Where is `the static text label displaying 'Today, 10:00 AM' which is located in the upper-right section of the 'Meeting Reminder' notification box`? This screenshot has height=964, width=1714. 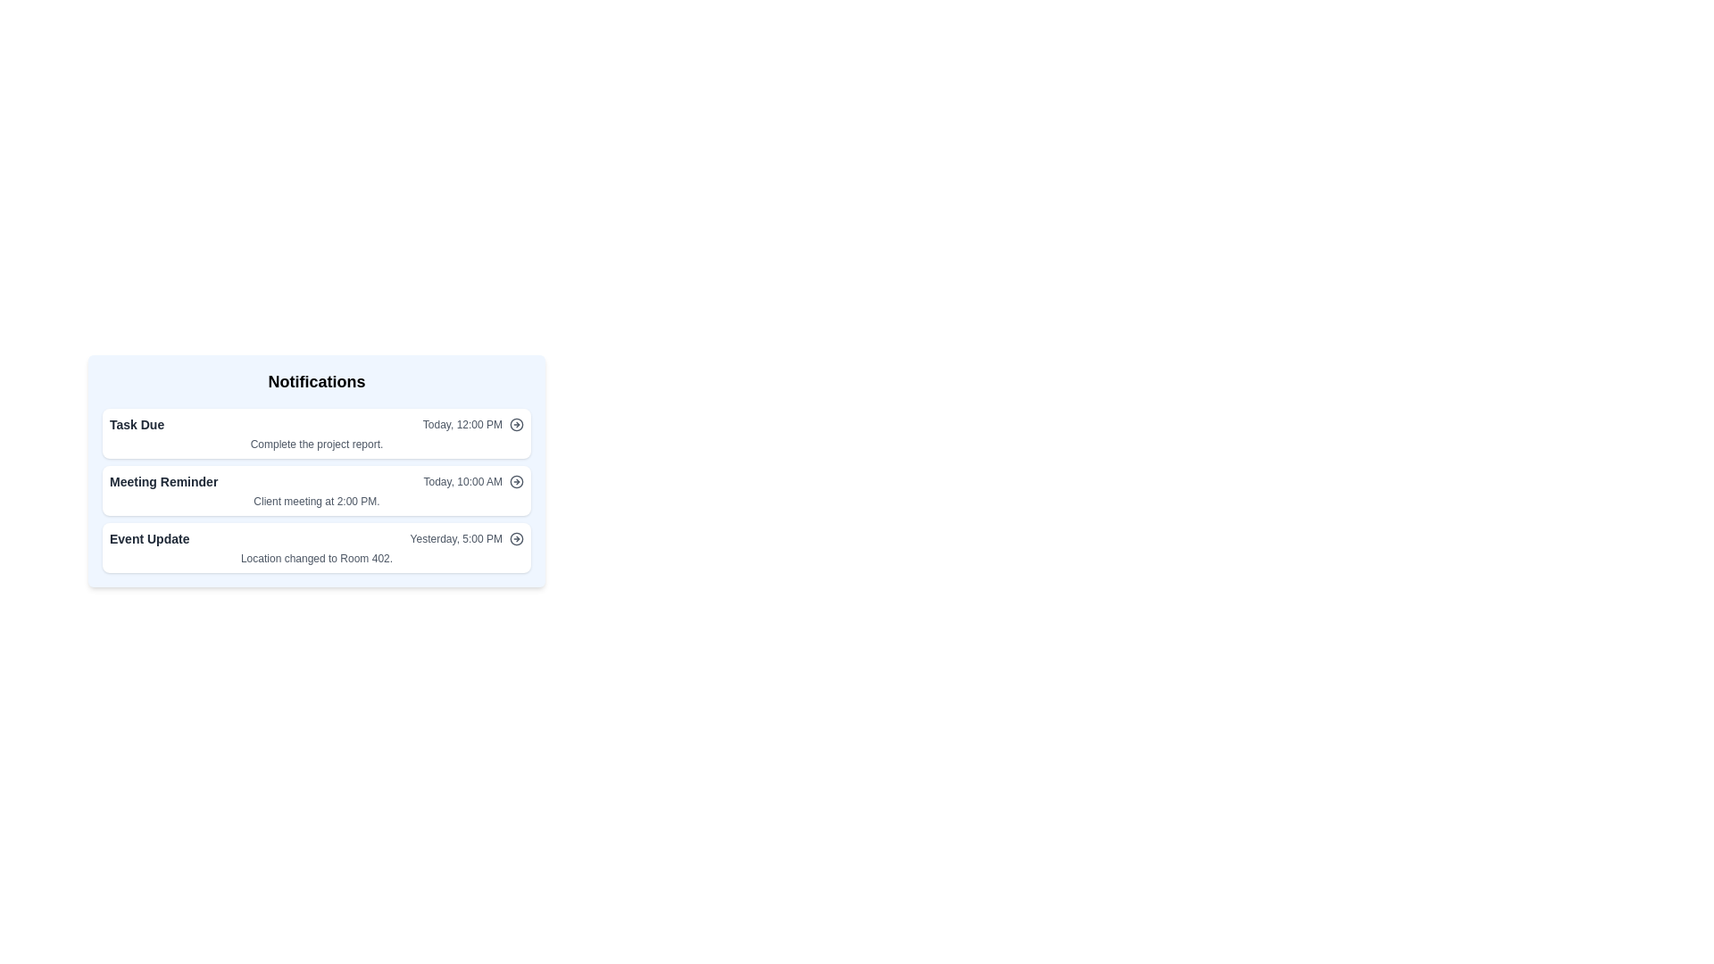 the static text label displaying 'Today, 10:00 AM' which is located in the upper-right section of the 'Meeting Reminder' notification box is located at coordinates (462, 482).